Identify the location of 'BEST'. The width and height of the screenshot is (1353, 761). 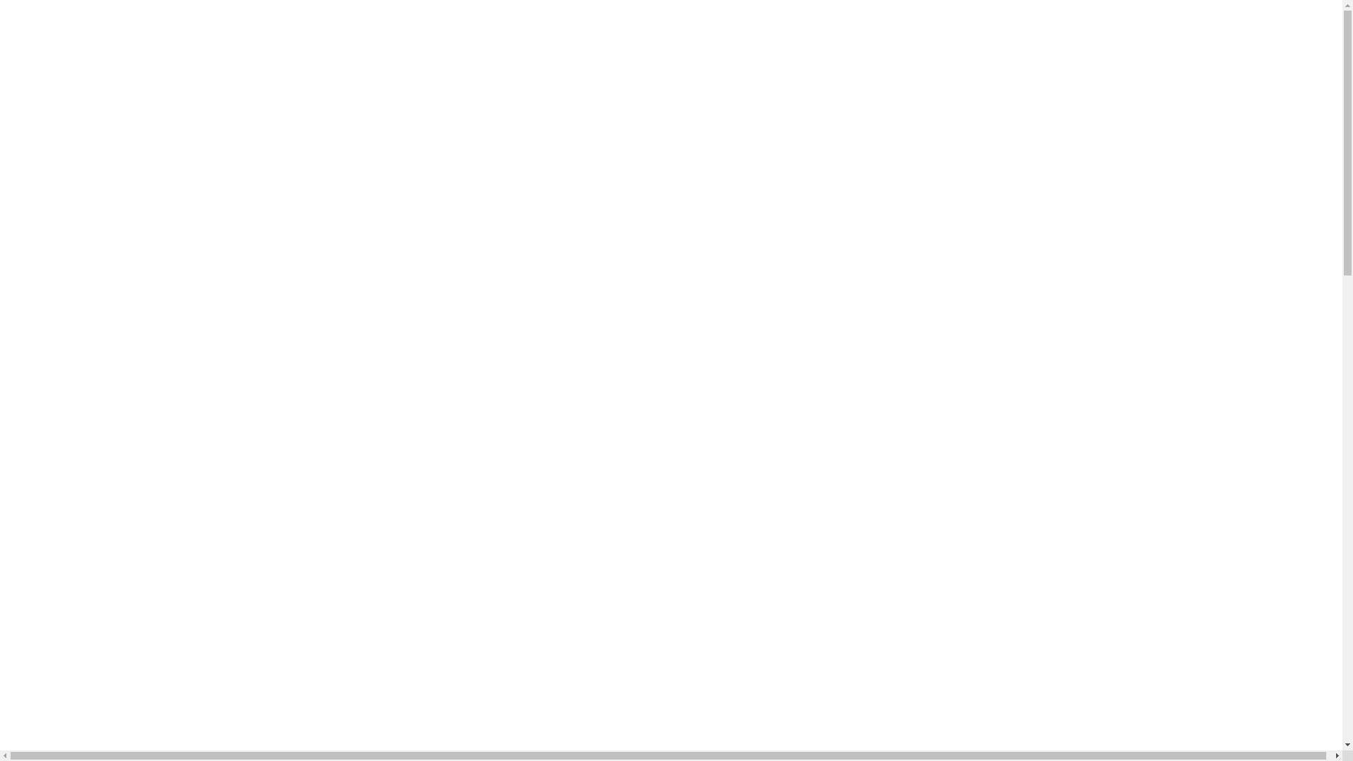
(47, 358).